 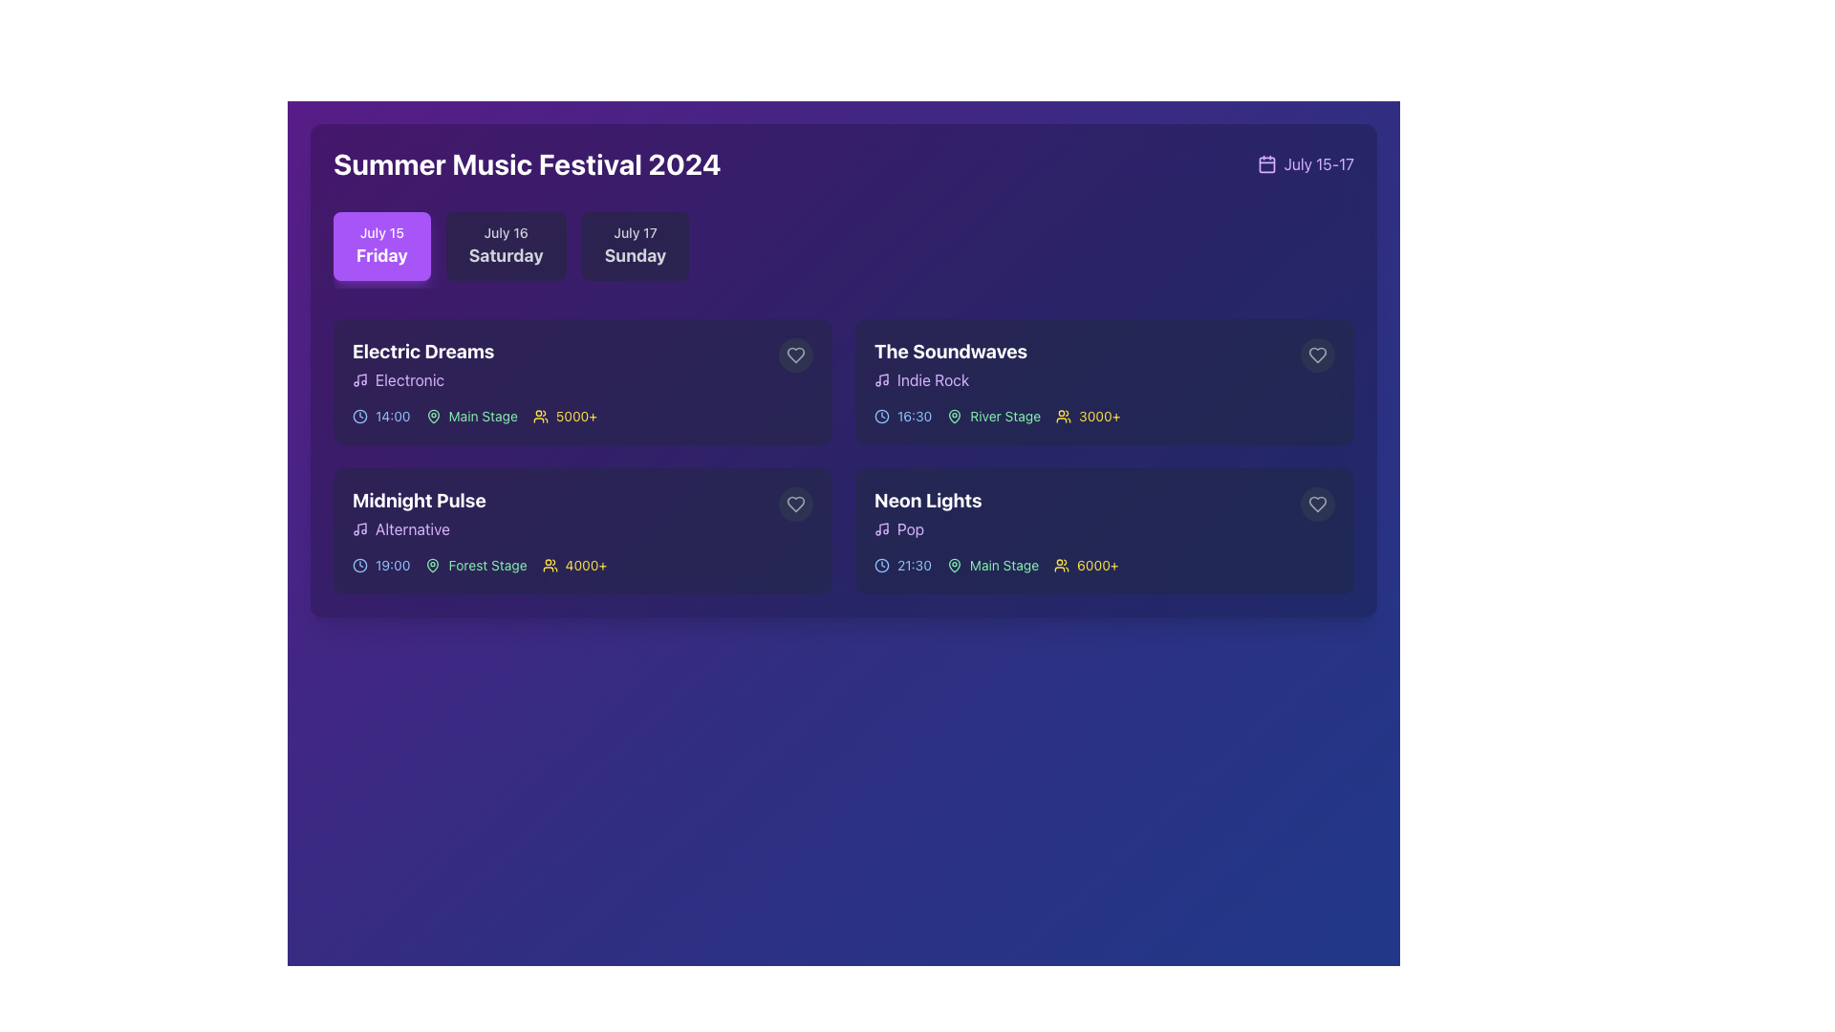 What do you see at coordinates (636, 231) in the screenshot?
I see `the text label component displaying 'July 17', which is styled in white on a dark background and positioned above the text 'Sunday' in the right-most card of date selections` at bounding box center [636, 231].